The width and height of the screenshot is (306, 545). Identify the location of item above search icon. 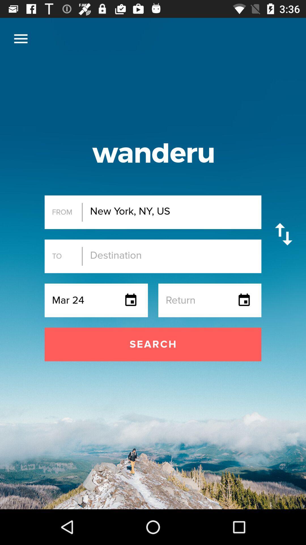
(20, 38).